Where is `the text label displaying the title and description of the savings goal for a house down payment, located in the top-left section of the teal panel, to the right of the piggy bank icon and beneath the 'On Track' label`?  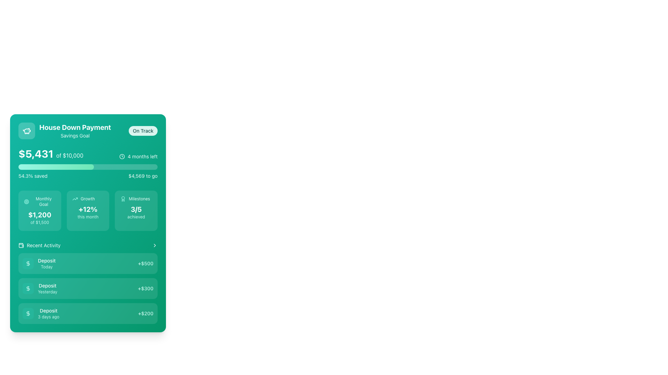
the text label displaying the title and description of the savings goal for a house down payment, located in the top-left section of the teal panel, to the right of the piggy bank icon and beneath the 'On Track' label is located at coordinates (75, 131).